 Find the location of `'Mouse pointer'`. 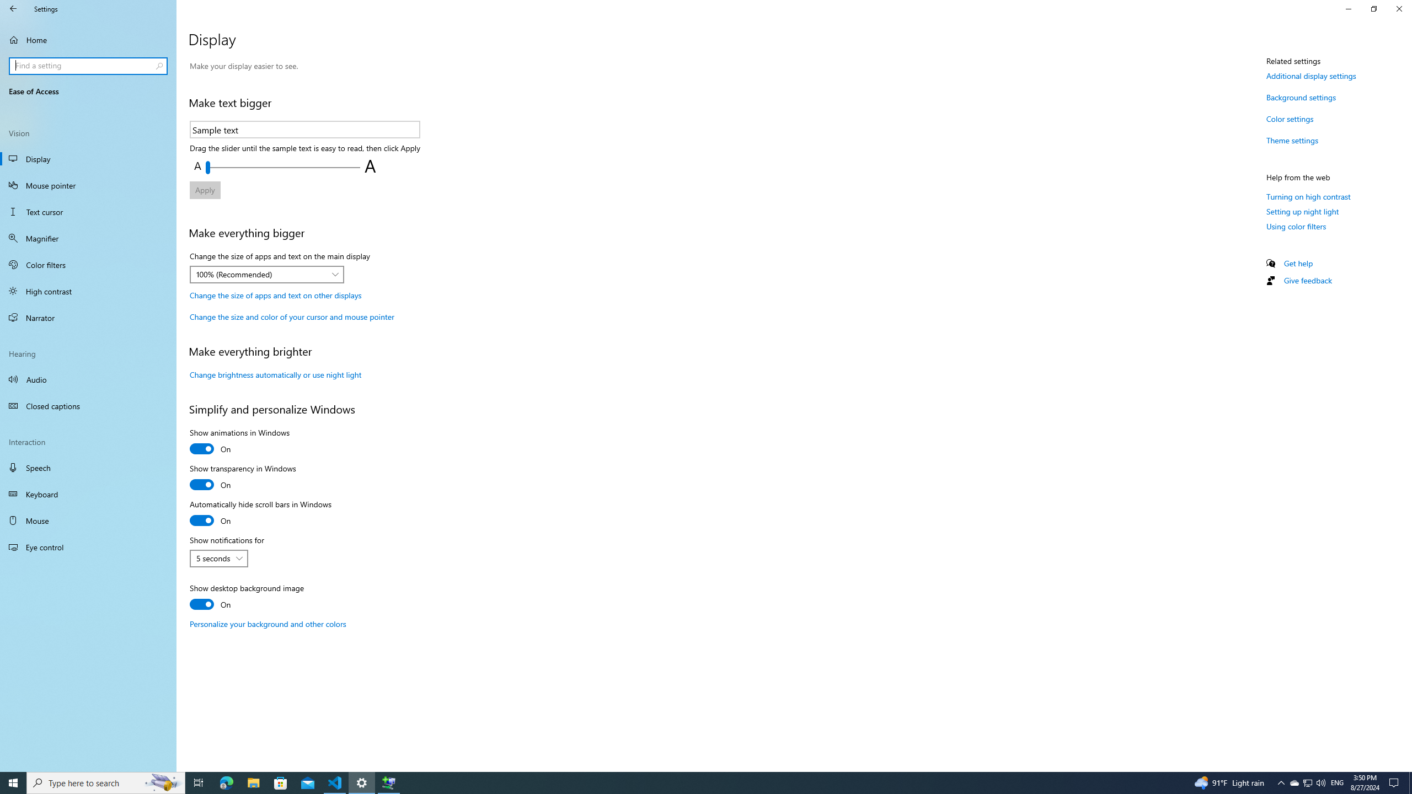

'Mouse pointer' is located at coordinates (88, 185).